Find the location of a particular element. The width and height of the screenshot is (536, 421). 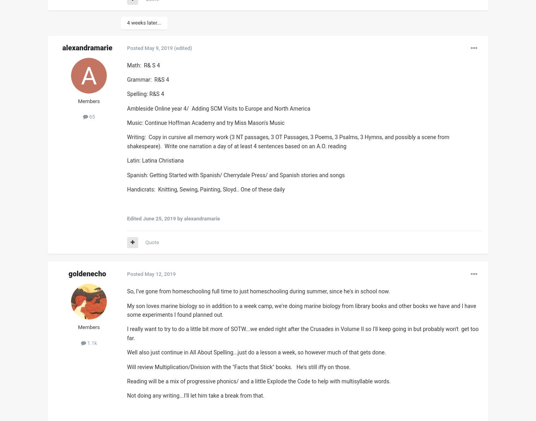

'Music: Continue Hoffman Academy and try Miss Mason's Music' is located at coordinates (205, 122).